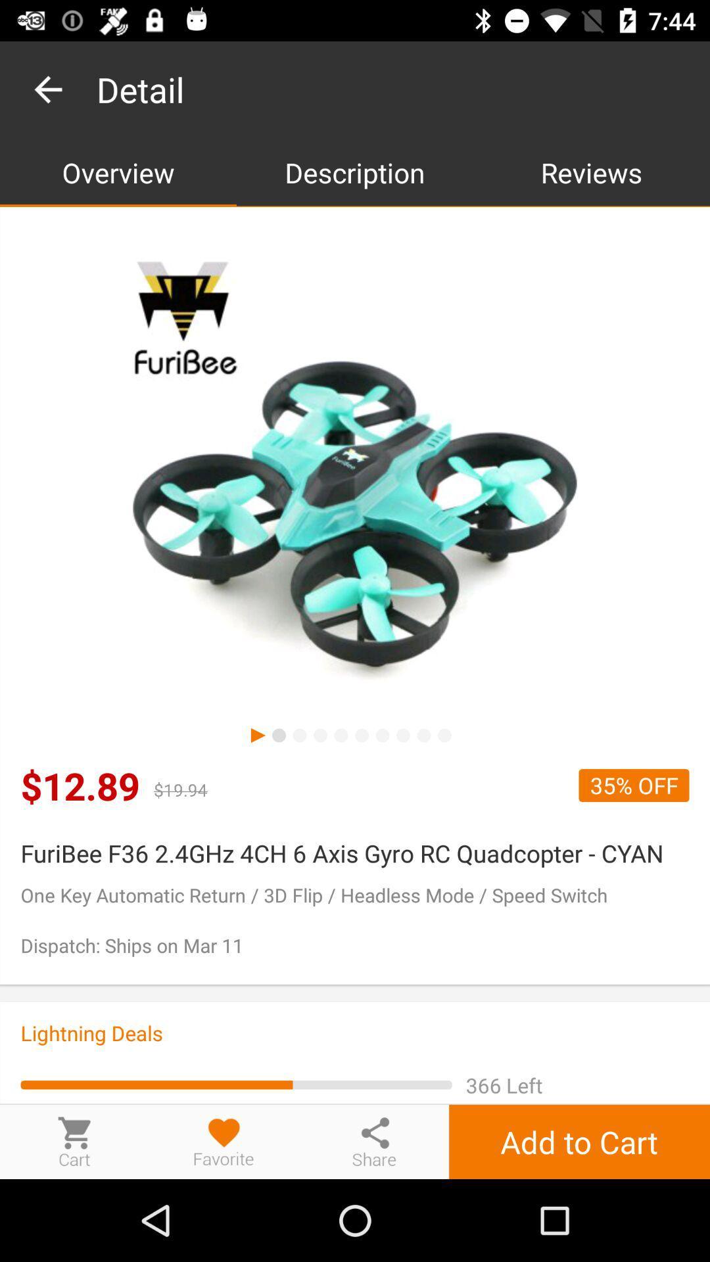 The image size is (710, 1262). Describe the element at coordinates (374, 1141) in the screenshot. I see `the share icon` at that location.